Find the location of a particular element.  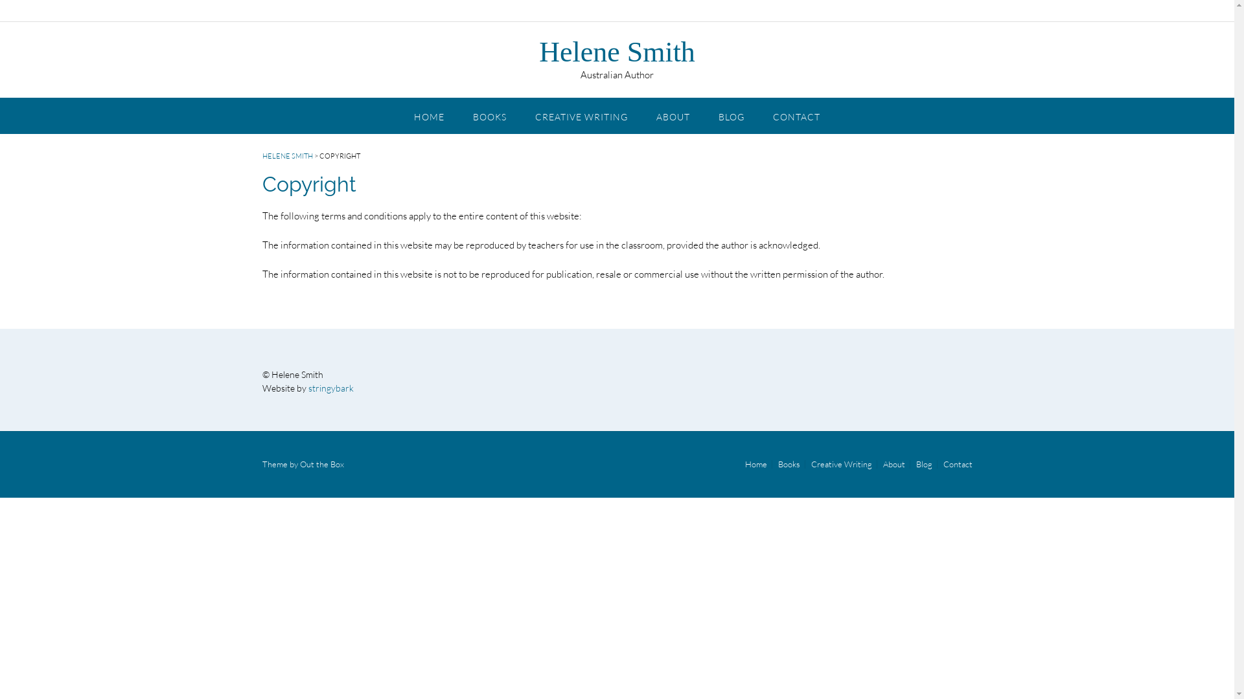

'HOME' is located at coordinates (429, 114).